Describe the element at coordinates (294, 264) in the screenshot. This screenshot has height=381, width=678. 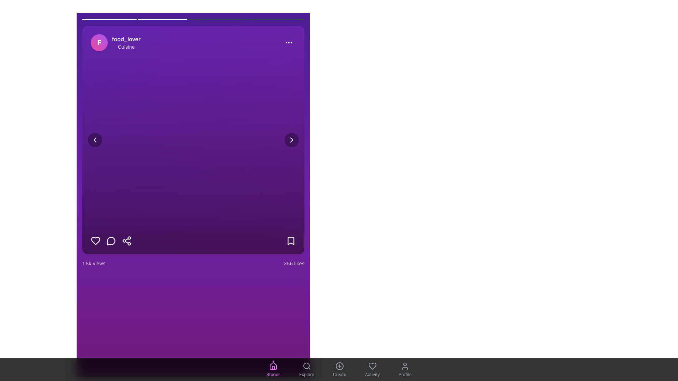
I see `text label displaying the total number of likes received for the associated content, located in the bottom-right corner of the visible content area` at that location.